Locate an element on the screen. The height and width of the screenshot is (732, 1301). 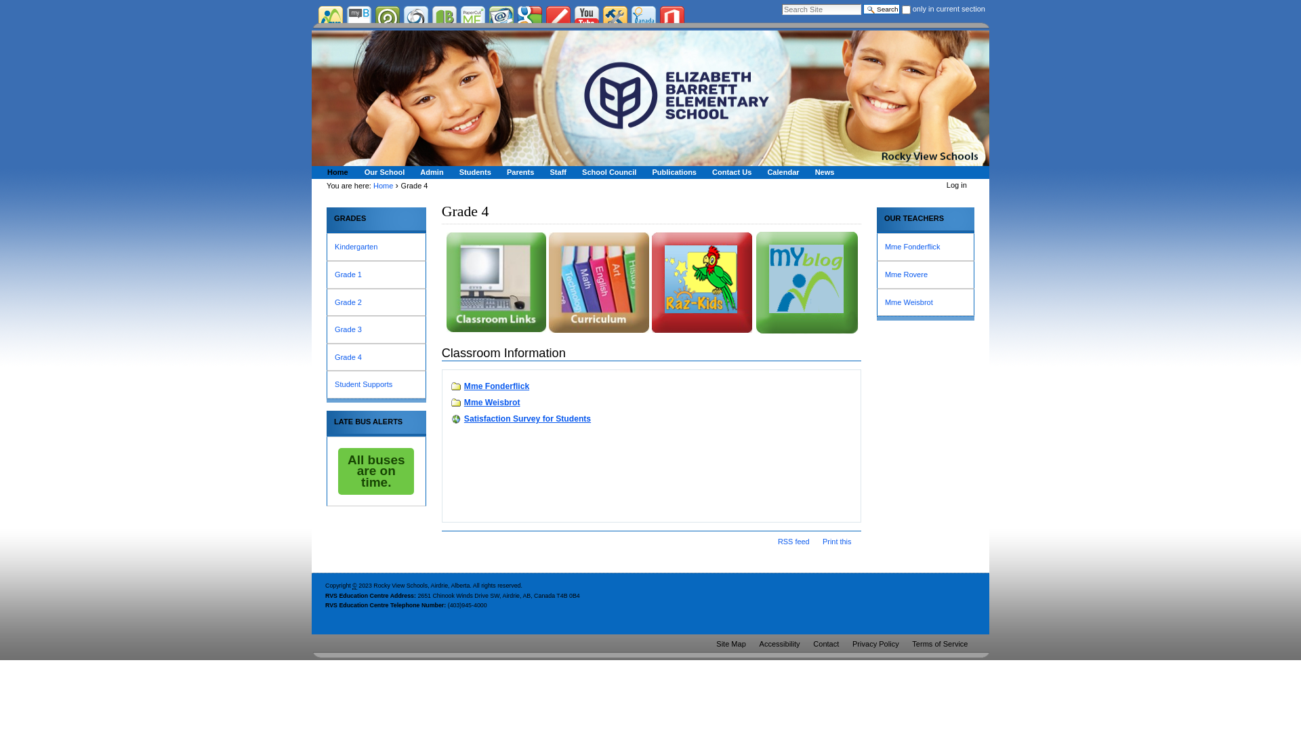
'Our School' is located at coordinates (381, 171).